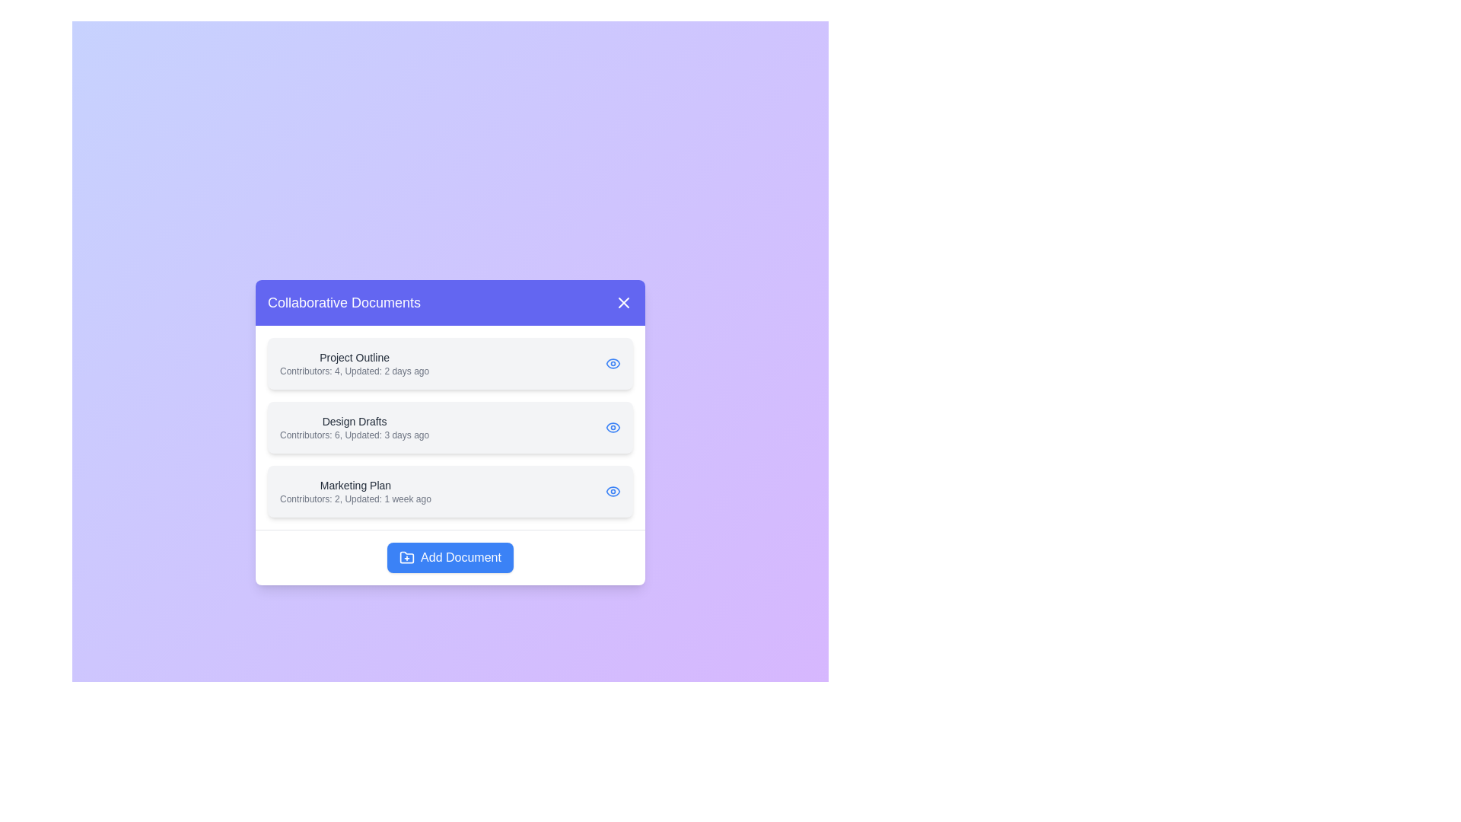  What do you see at coordinates (624, 302) in the screenshot?
I see `the close button (X) in the top-right corner of the modal to close it` at bounding box center [624, 302].